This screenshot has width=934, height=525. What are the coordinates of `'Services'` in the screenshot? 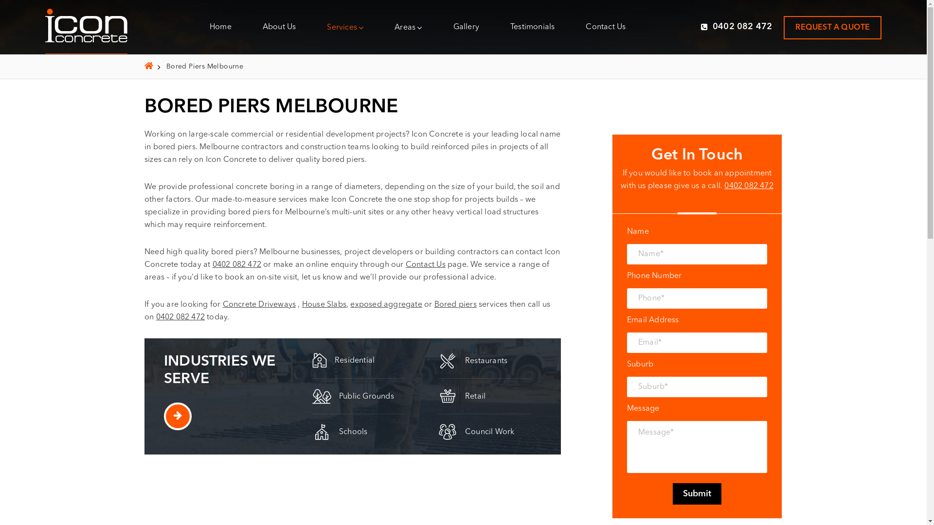 It's located at (345, 27).